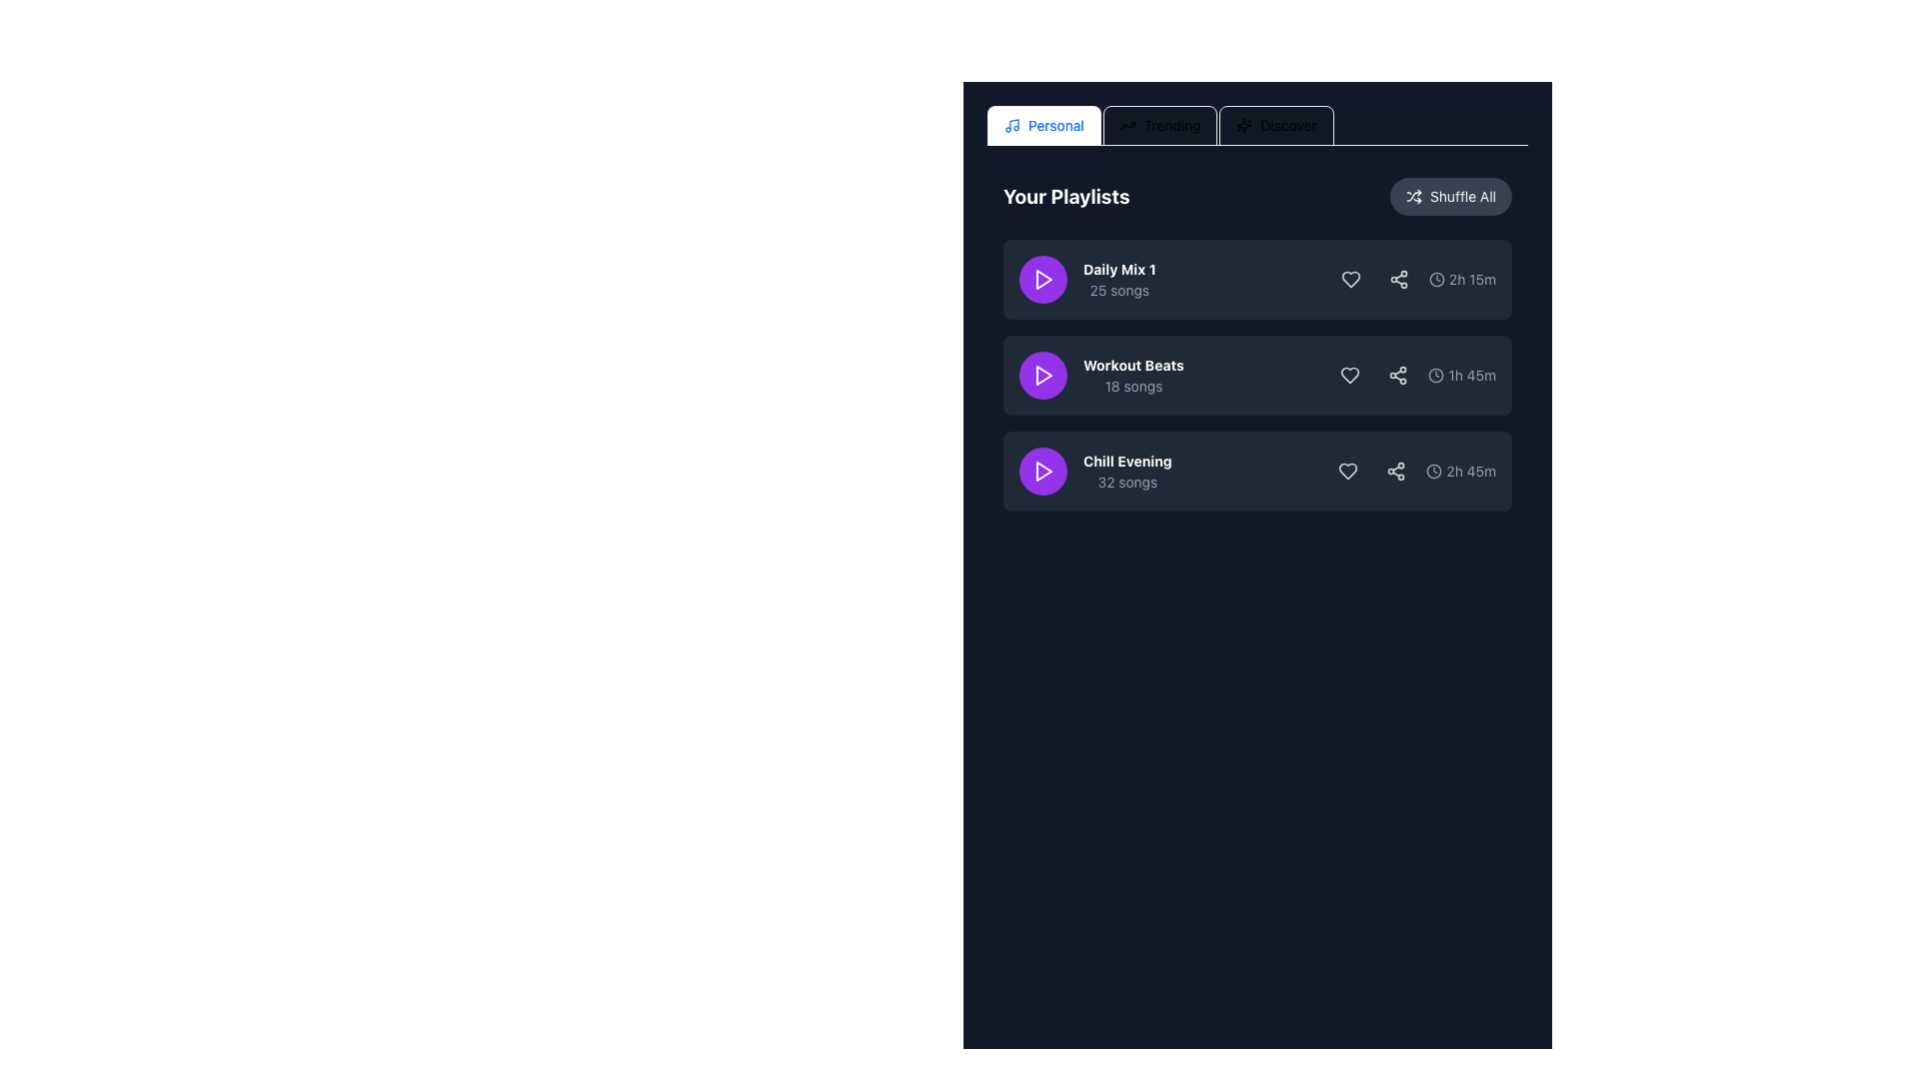  Describe the element at coordinates (1275, 126) in the screenshot. I see `the 'Discover' tab, which is the third tab in the horizontal navigation bar` at that location.